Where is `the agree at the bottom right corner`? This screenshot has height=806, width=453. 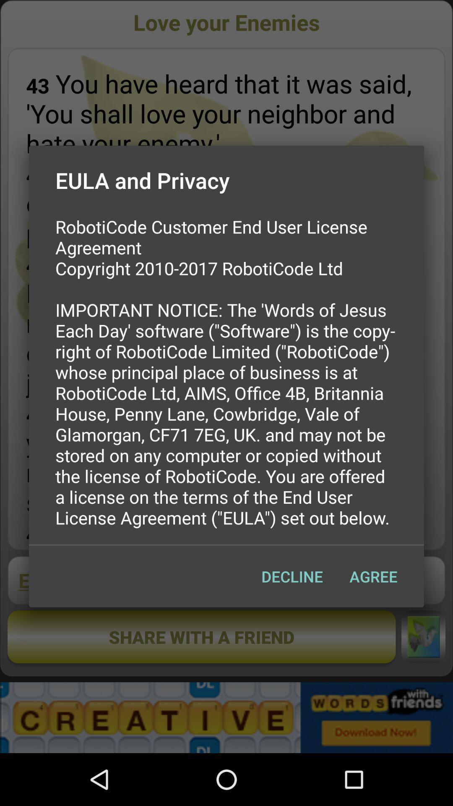 the agree at the bottom right corner is located at coordinates (373, 576).